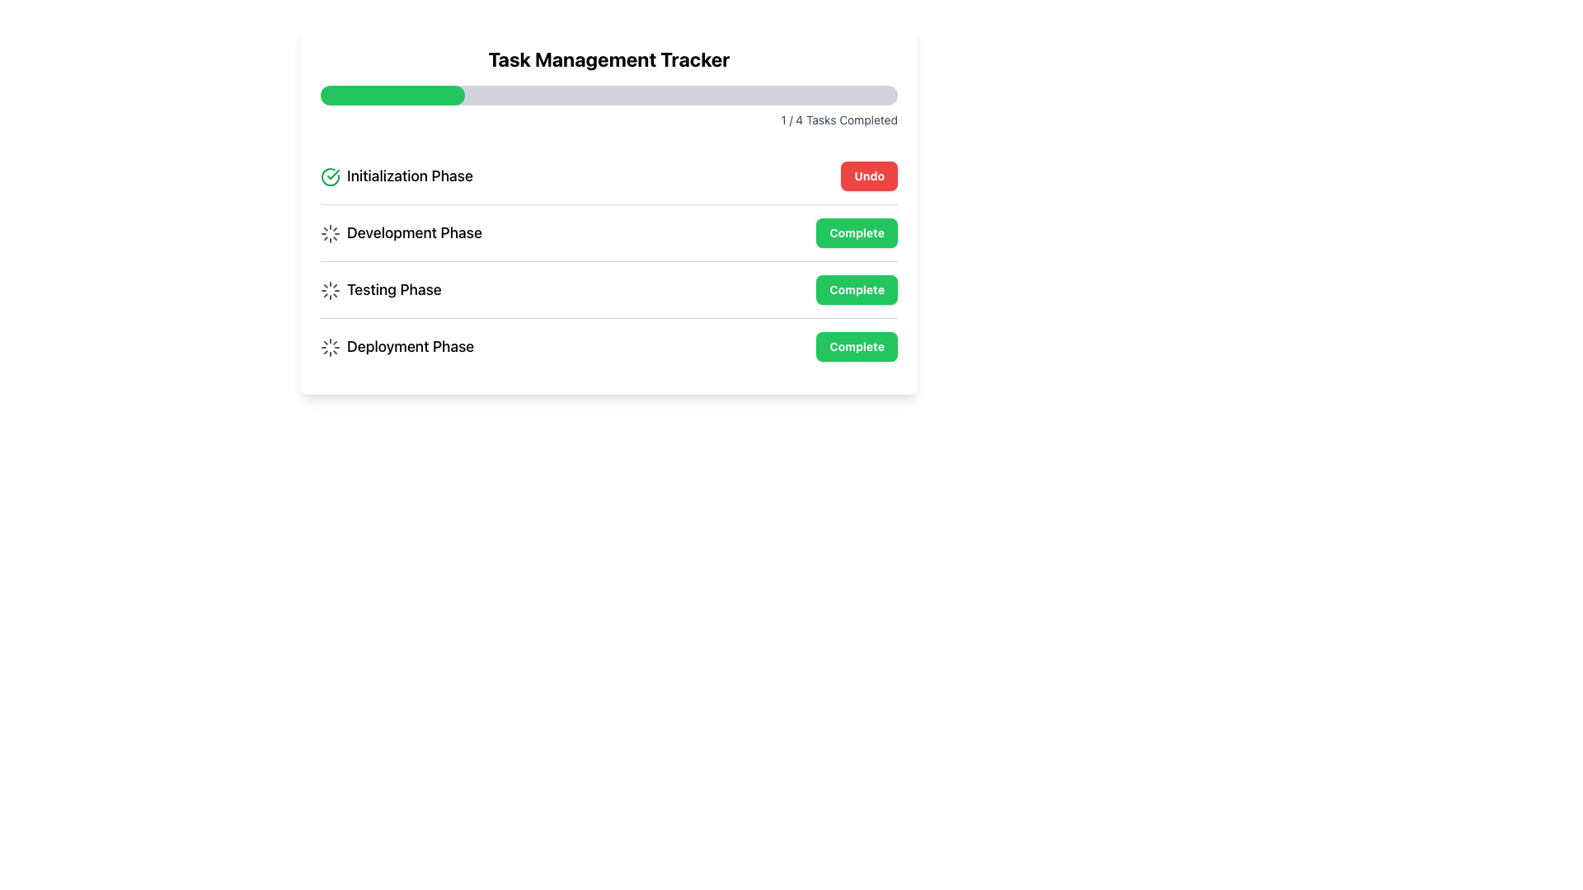 This screenshot has height=890, width=1583. I want to click on the loading icon indicating the 'Testing Phase' task in the task tracker interface, which is positioned to the left of the 'Testing Phase' label, so click(330, 290).